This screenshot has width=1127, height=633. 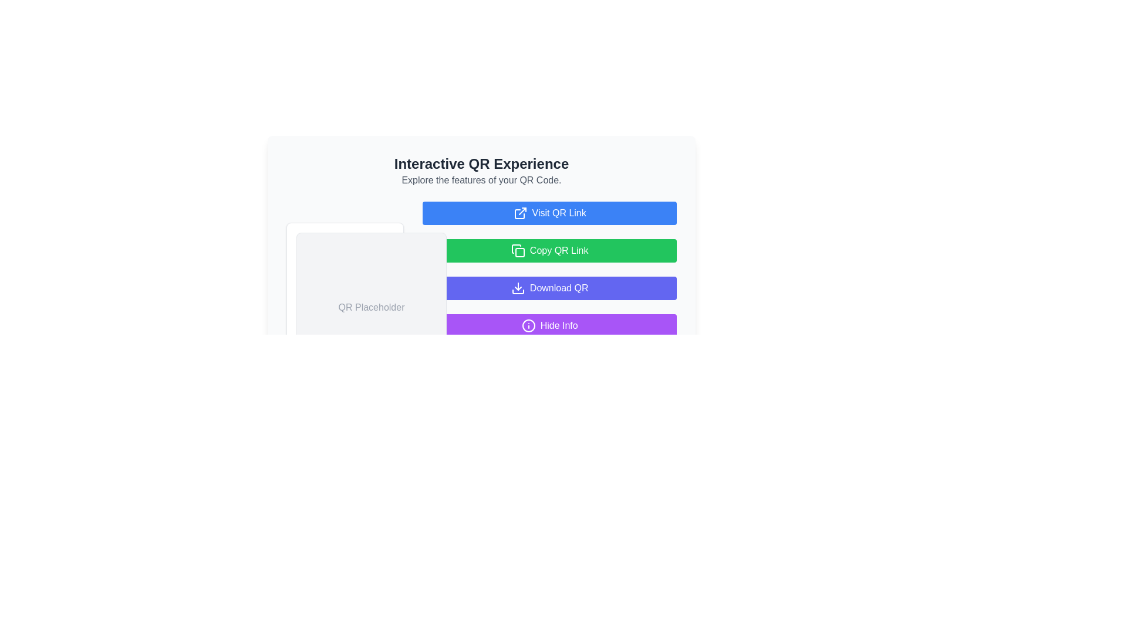 I want to click on the 'Hide Info' button with a purple background and white text, so click(x=481, y=307).